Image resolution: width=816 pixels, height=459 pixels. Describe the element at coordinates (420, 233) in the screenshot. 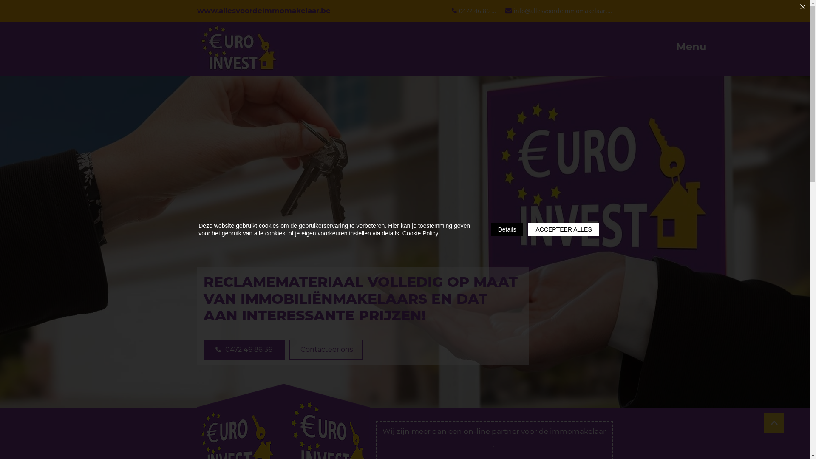

I see `'Cookie Policy'` at that location.